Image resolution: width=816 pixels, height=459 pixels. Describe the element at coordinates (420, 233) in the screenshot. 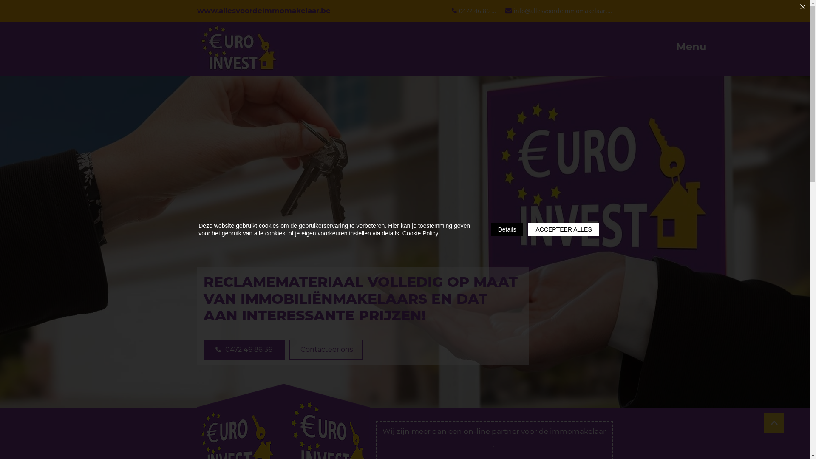

I see `'Cookie Policy'` at that location.